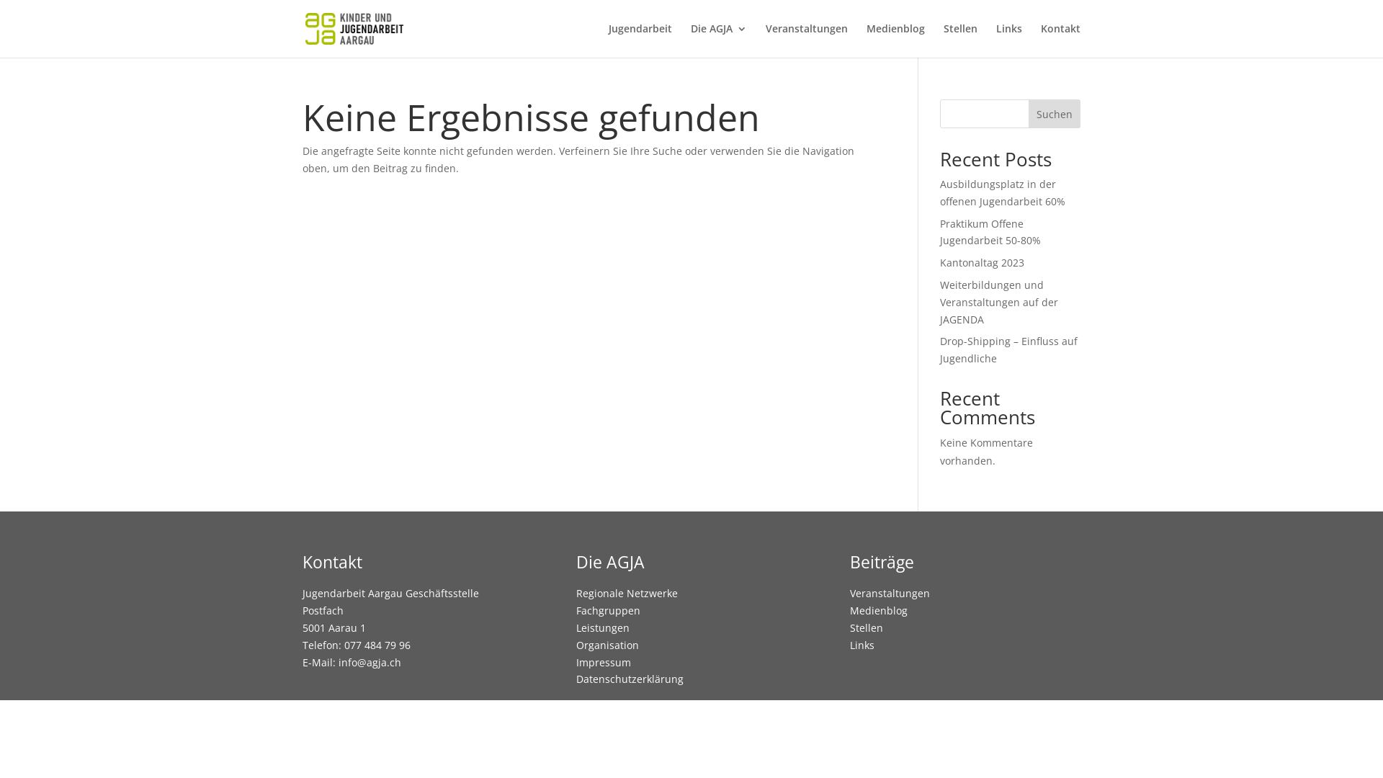  I want to click on 'Die AGJA', so click(719, 40).